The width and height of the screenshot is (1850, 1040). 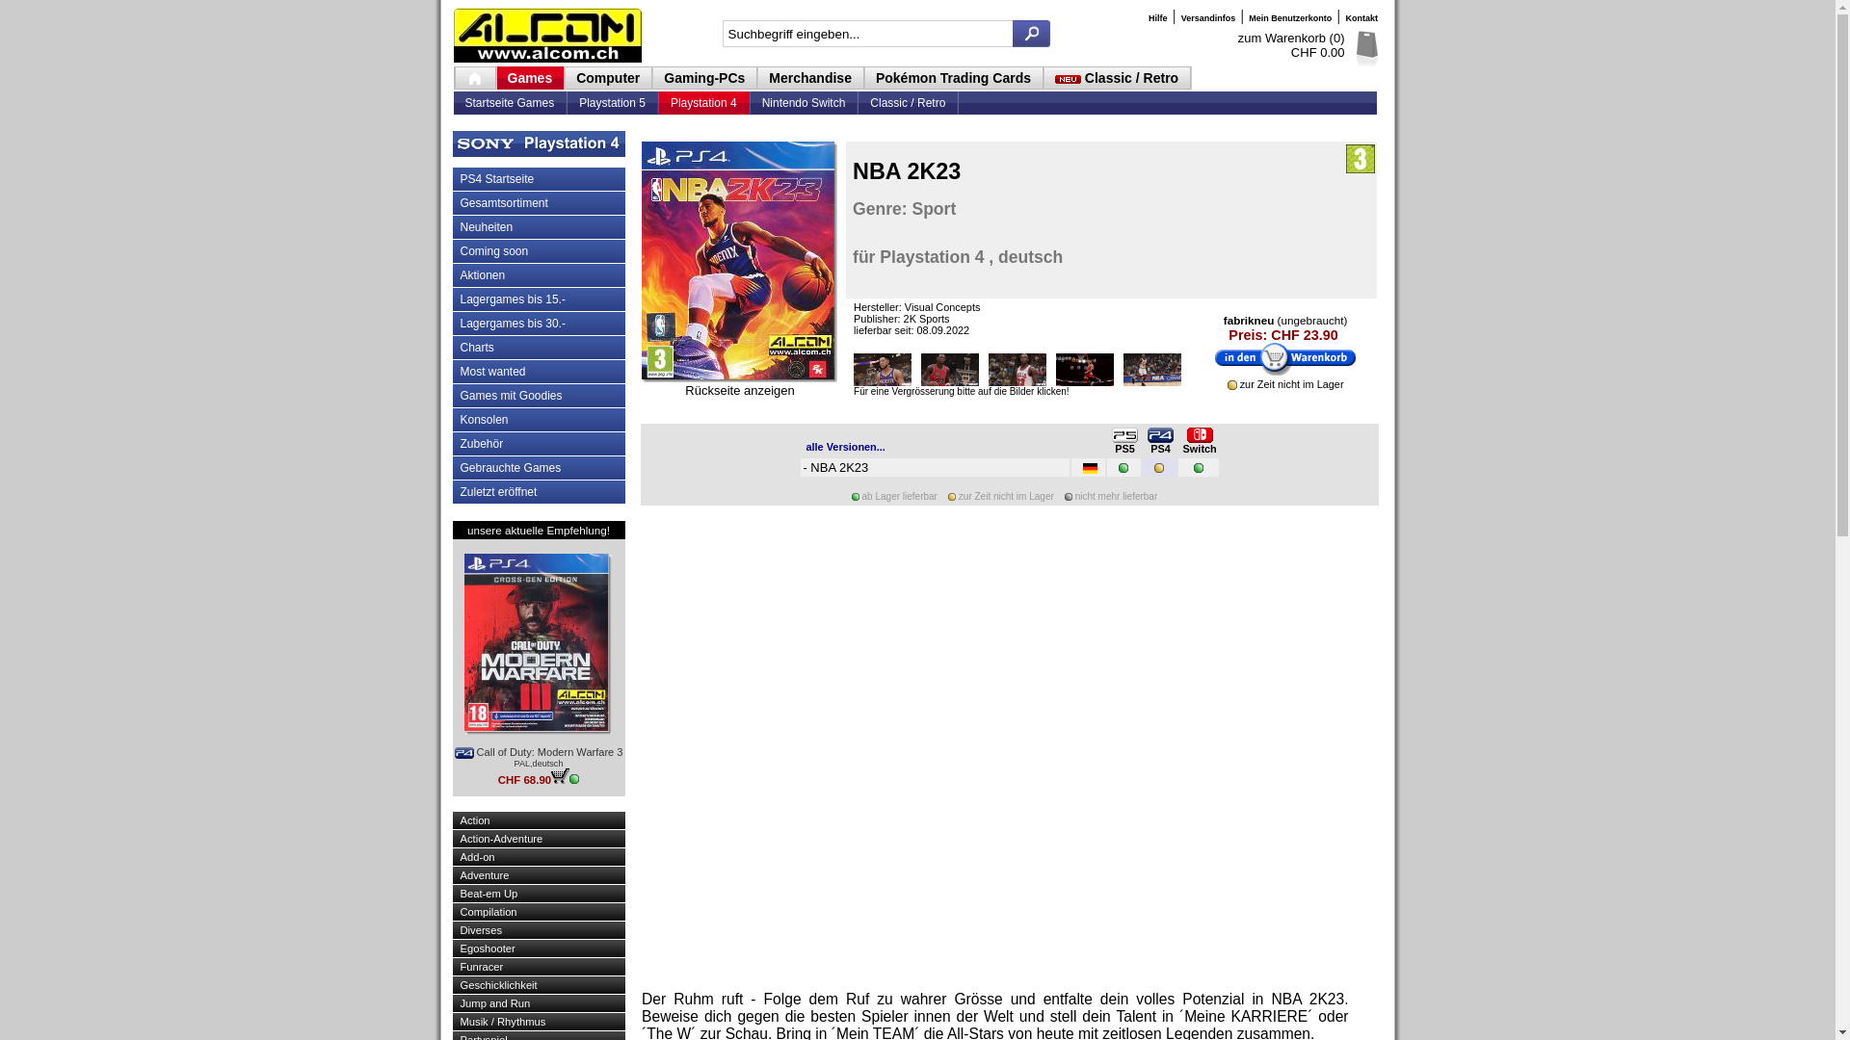 I want to click on 'Add-on', so click(x=539, y=856).